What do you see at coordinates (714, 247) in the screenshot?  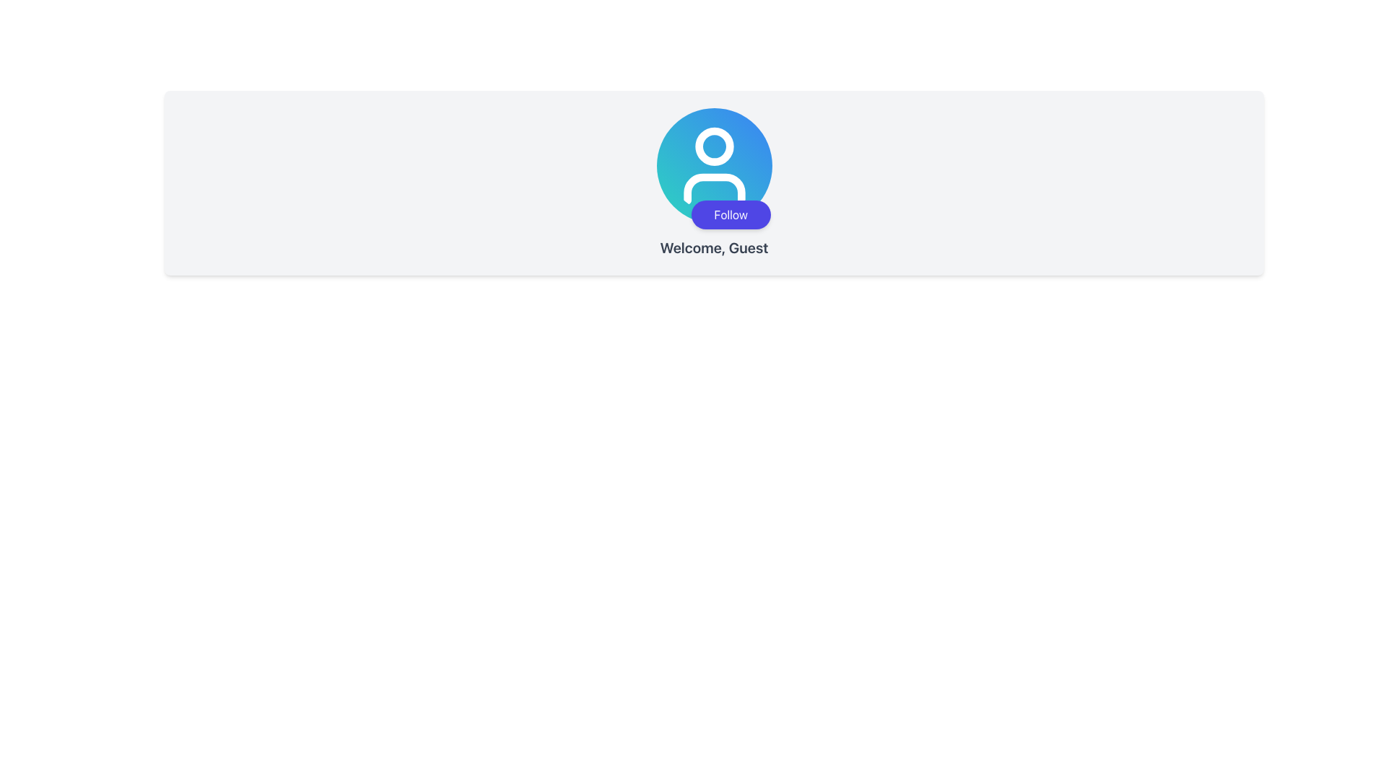 I see `the static text label displaying 'Welcome, Guest', which is styled in bold gray font and positioned below a circular icon and a 'Follow' button` at bounding box center [714, 247].